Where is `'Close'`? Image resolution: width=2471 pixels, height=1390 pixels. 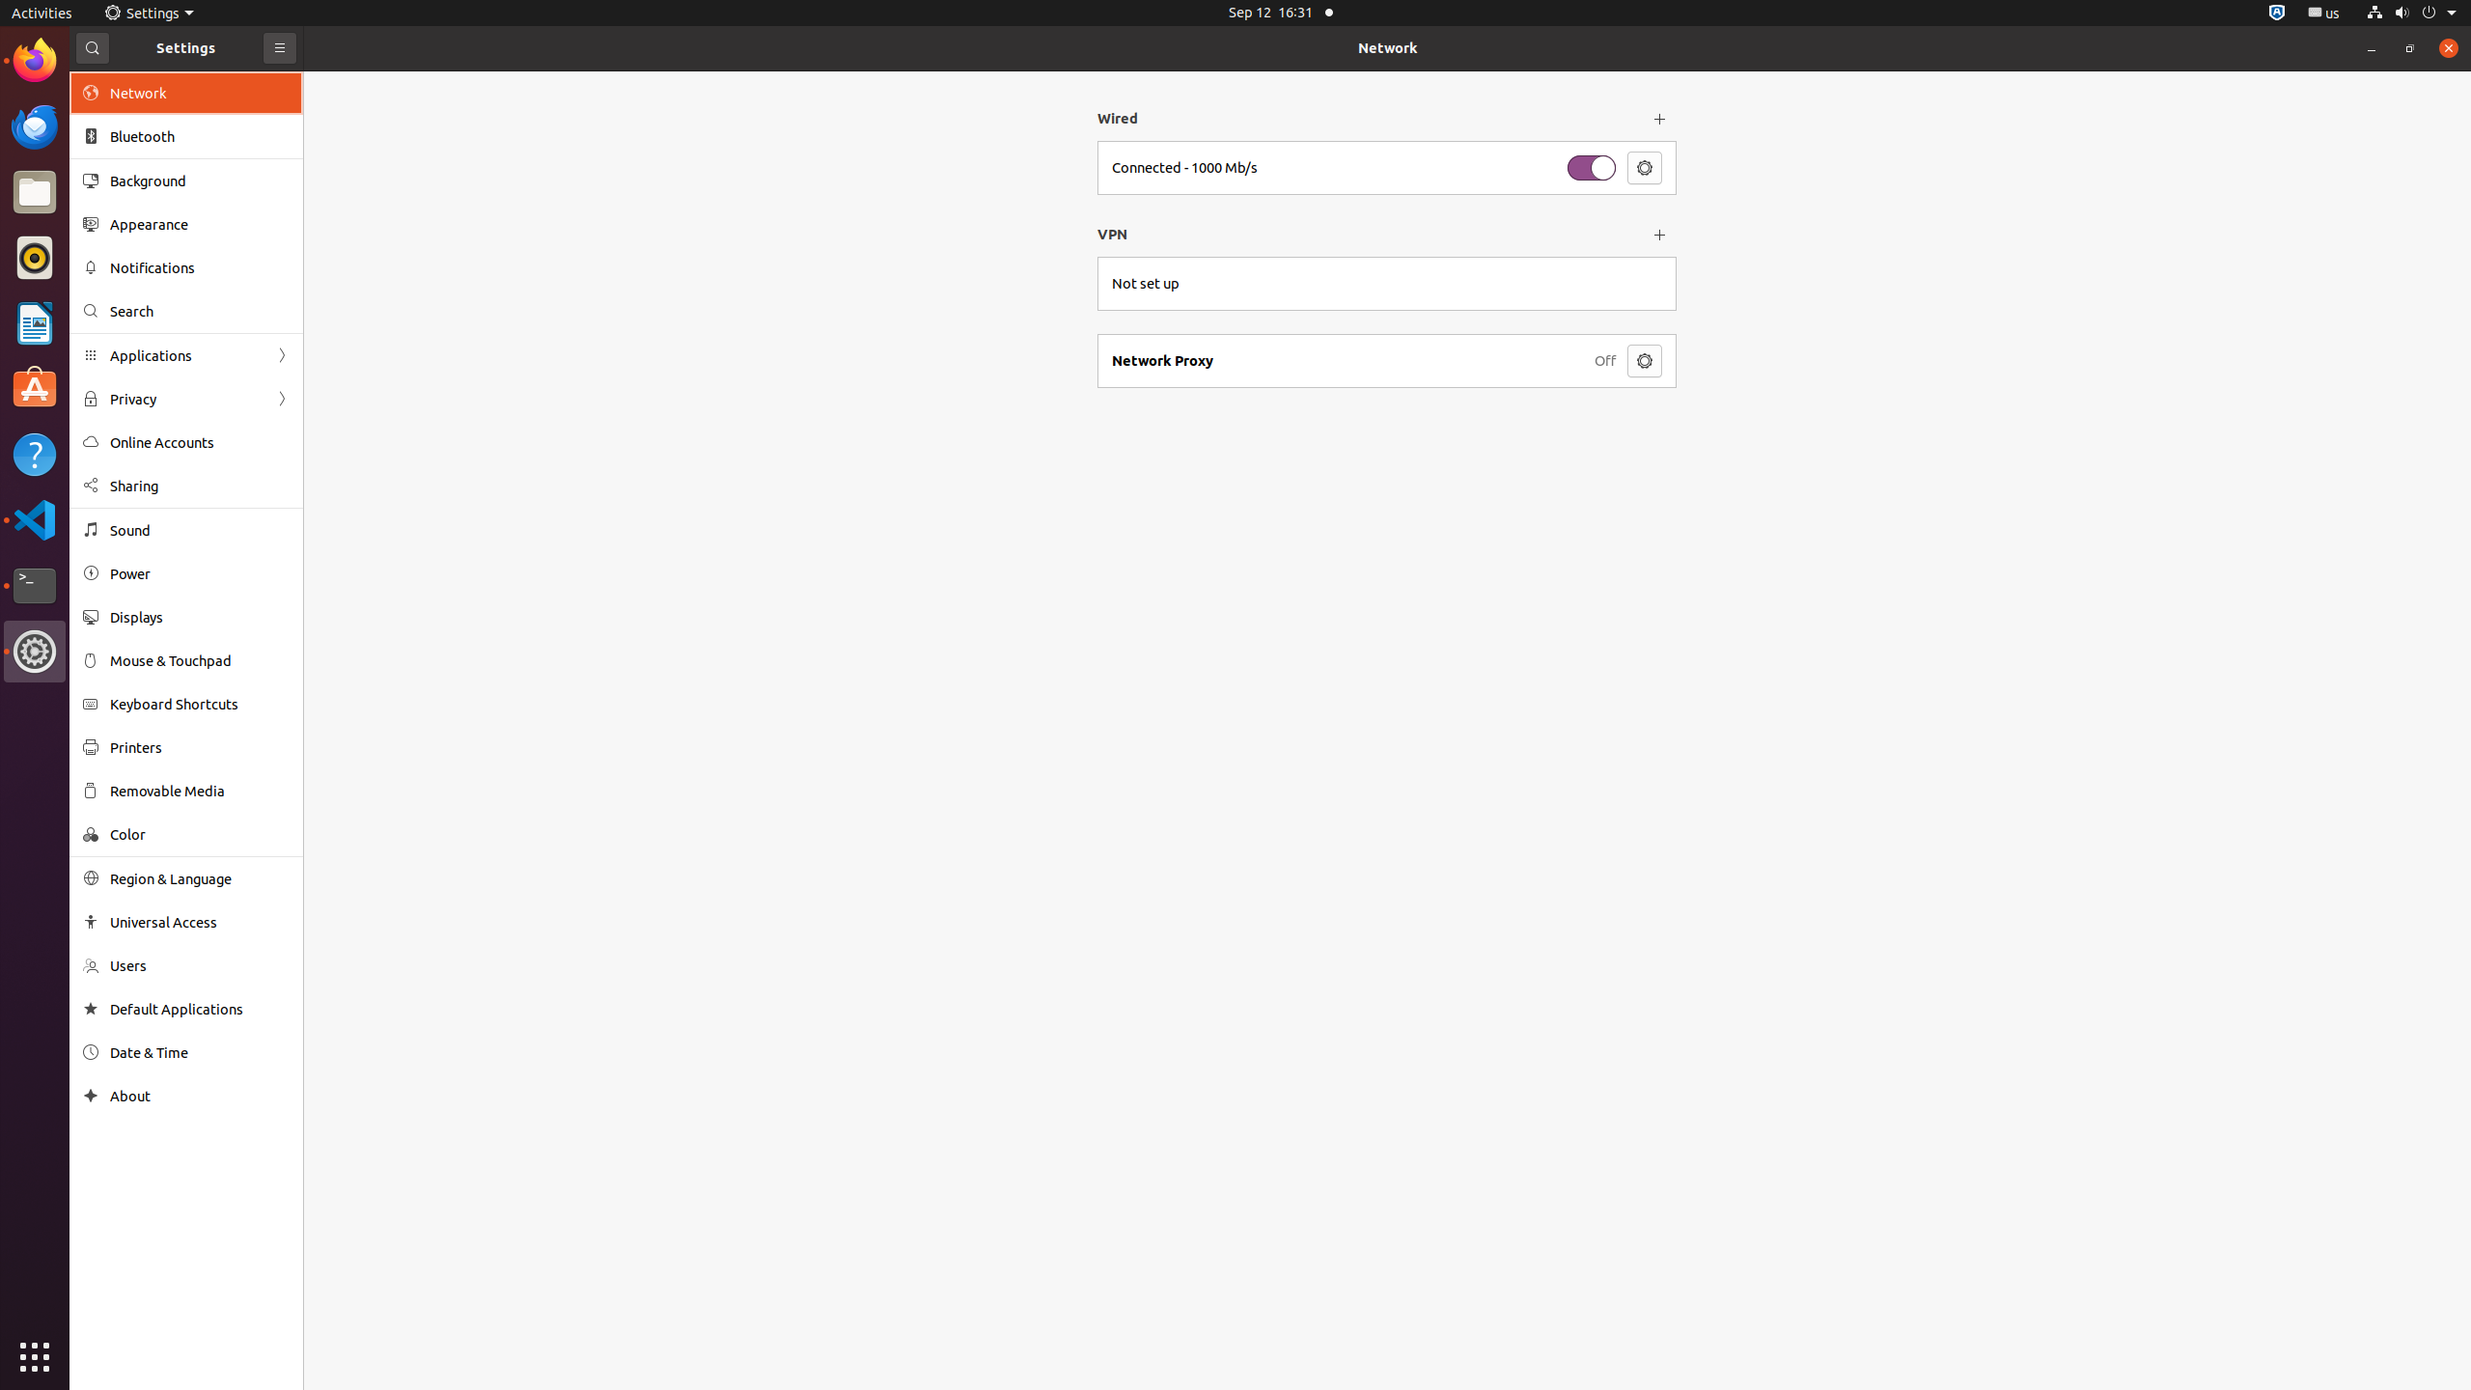 'Close' is located at coordinates (2447, 47).